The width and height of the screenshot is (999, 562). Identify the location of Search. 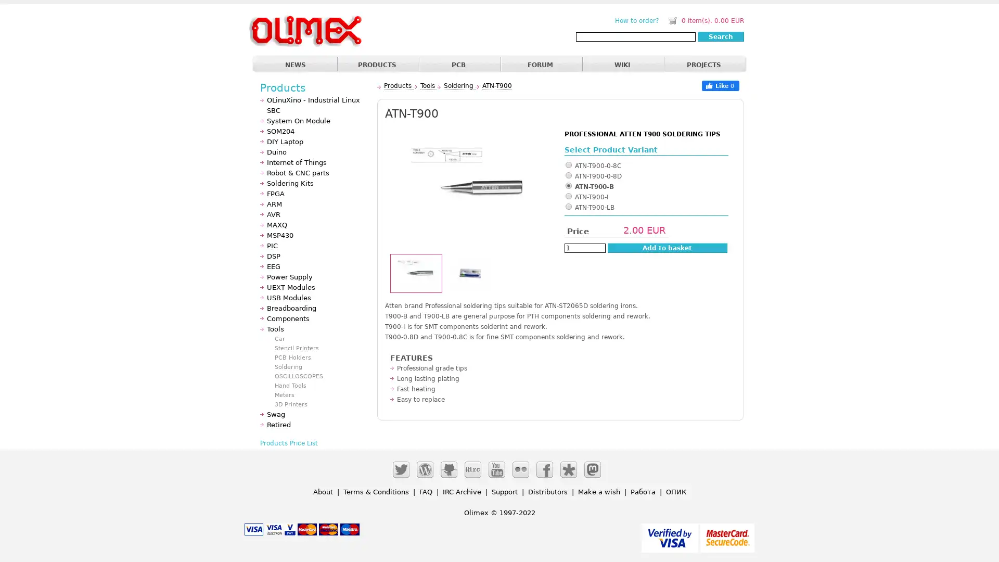
(720, 36).